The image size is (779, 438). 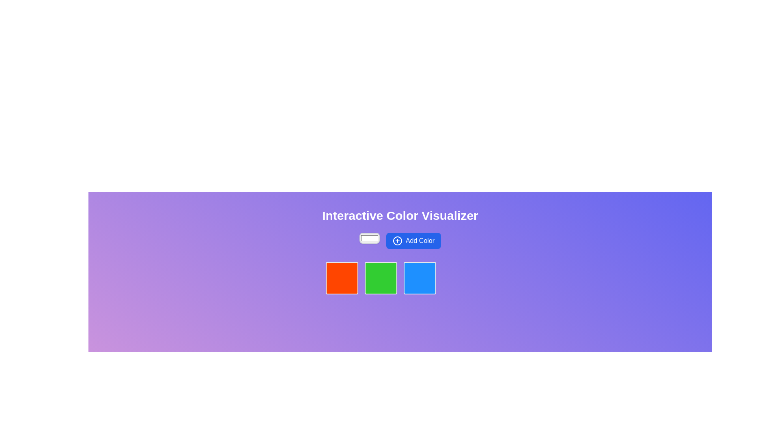 What do you see at coordinates (369, 238) in the screenshot?
I see `the rectangular color picker with rounded edges and shadow effect, which is the leftmost item in the 'Add Color' group` at bounding box center [369, 238].